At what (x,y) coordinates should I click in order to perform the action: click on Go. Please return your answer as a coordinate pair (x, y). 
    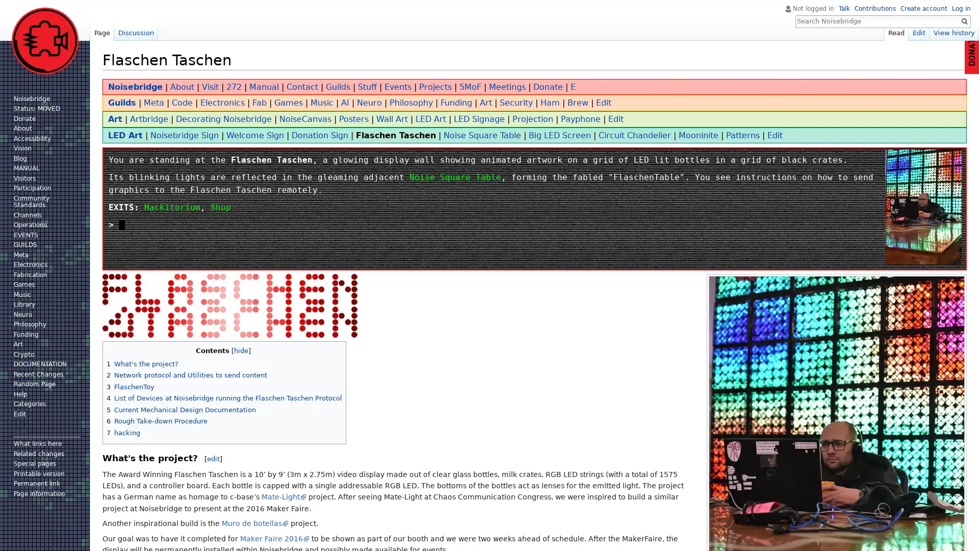
    Looking at the image, I should click on (964, 21).